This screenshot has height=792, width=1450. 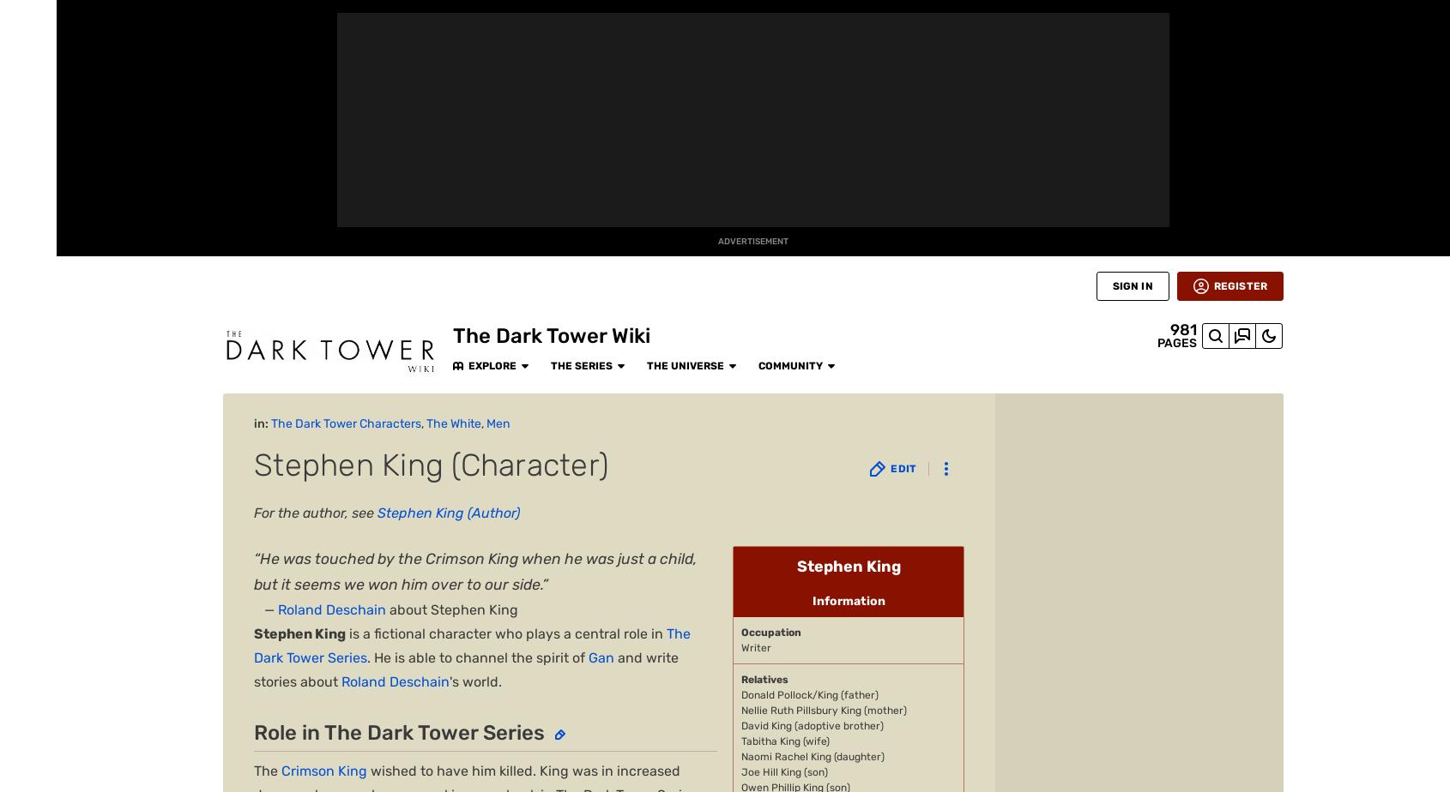 I want to click on 'Deadlights', so click(x=342, y=511).